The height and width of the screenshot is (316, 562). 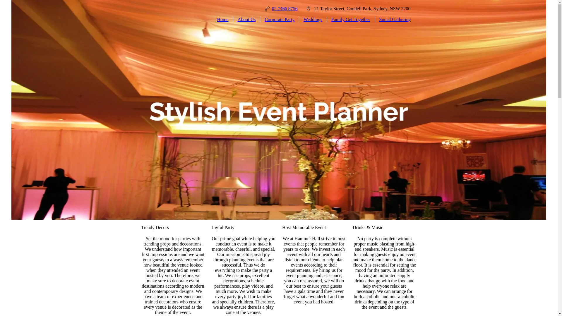 What do you see at coordinates (222, 19) in the screenshot?
I see `'Home'` at bounding box center [222, 19].